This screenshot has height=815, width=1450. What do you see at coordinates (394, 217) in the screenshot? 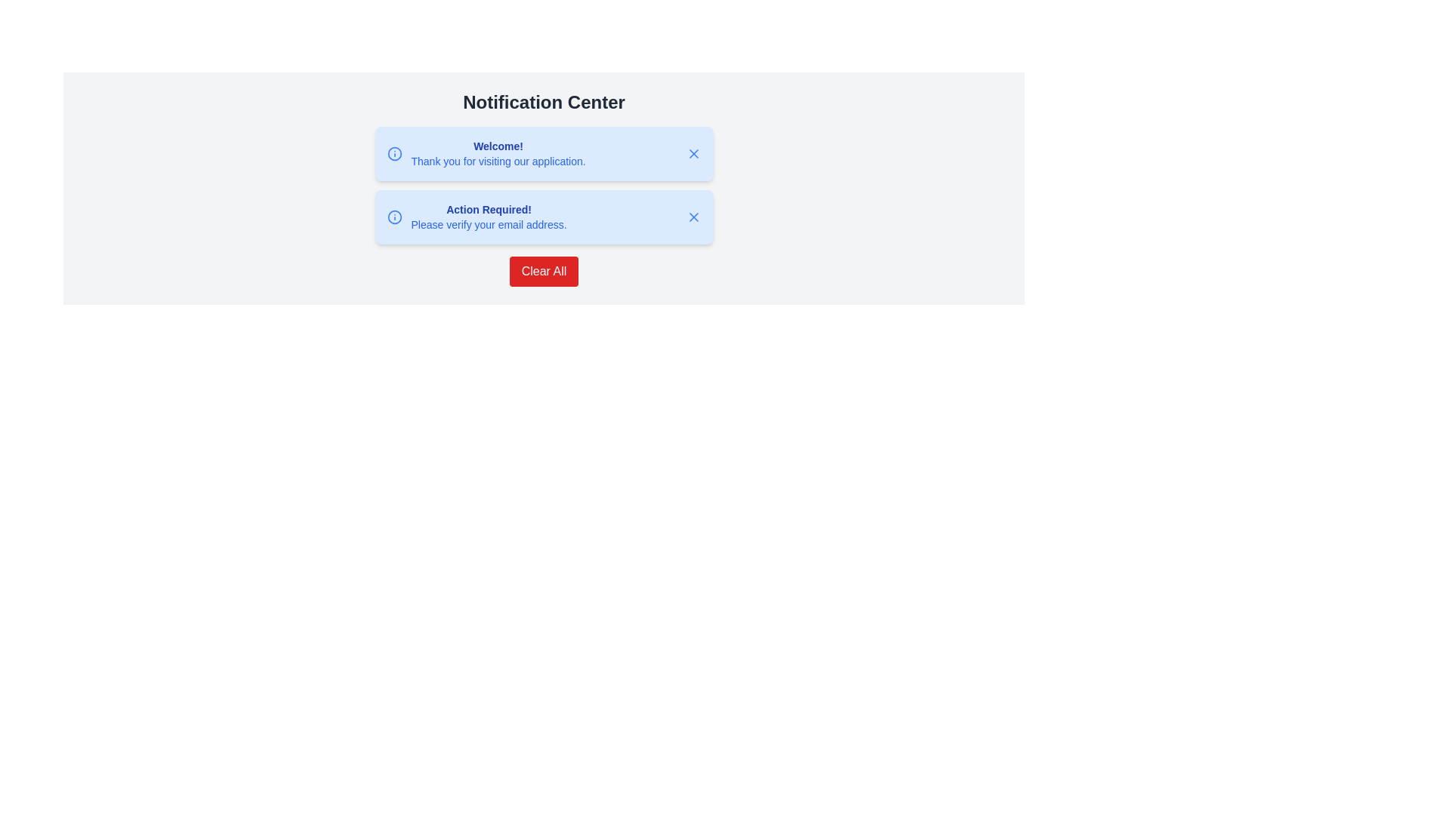
I see `the circular blue informational icon with the letter 'i' in the center, located on the left side of the 'Action Required!' notification card` at bounding box center [394, 217].